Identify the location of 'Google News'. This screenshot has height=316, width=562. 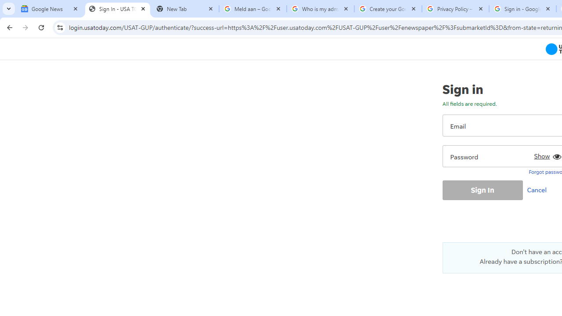
(49, 9).